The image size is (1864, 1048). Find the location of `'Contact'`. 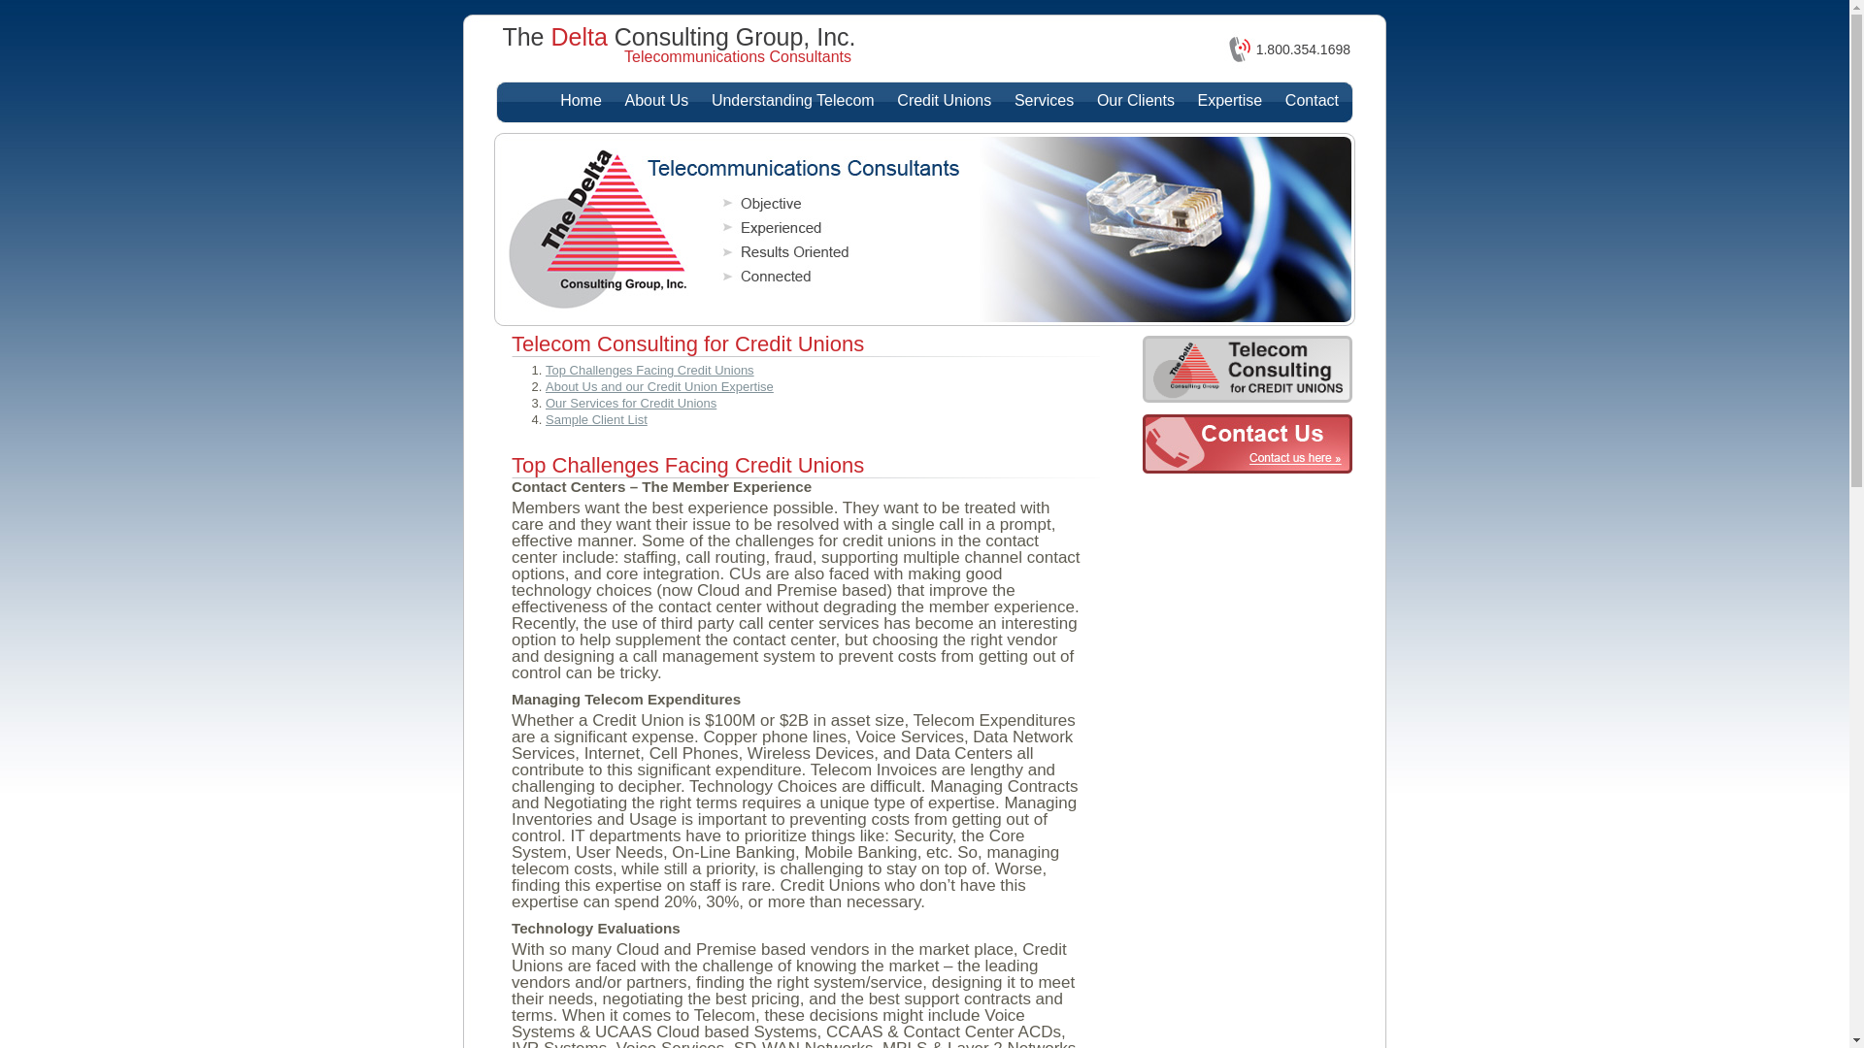

'Contact' is located at coordinates (1312, 100).